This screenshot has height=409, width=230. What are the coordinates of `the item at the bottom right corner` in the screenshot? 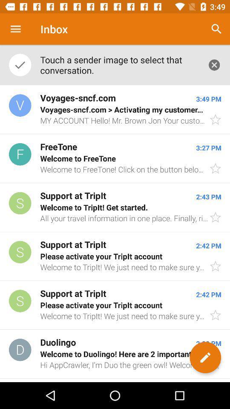 It's located at (205, 357).